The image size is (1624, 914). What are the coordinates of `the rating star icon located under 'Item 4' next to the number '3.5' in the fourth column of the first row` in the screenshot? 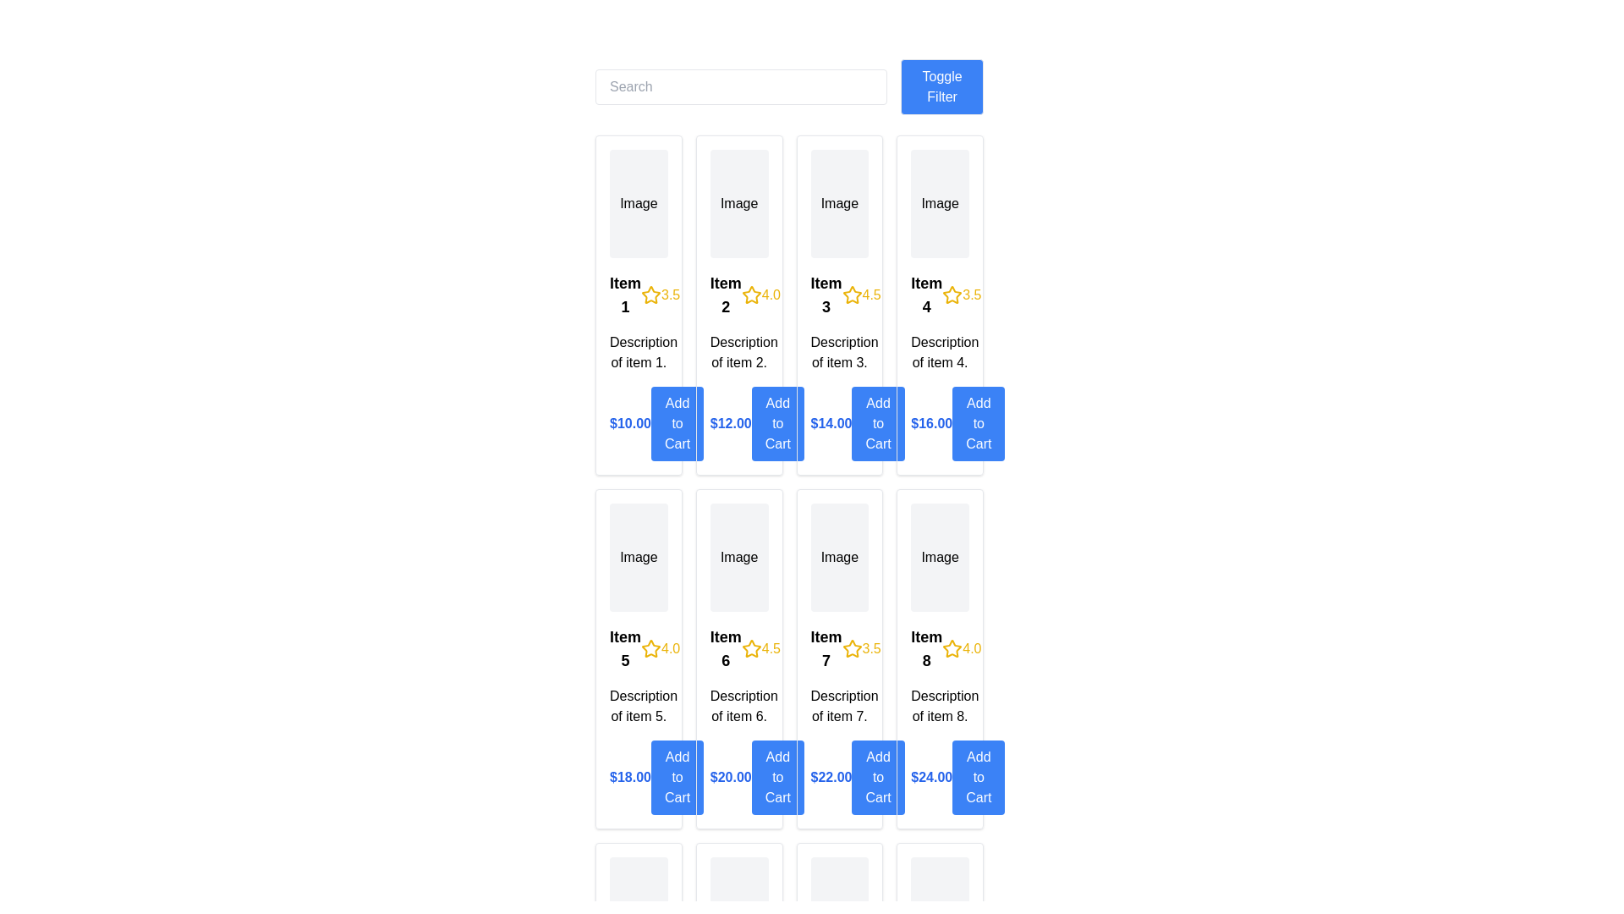 It's located at (952, 294).